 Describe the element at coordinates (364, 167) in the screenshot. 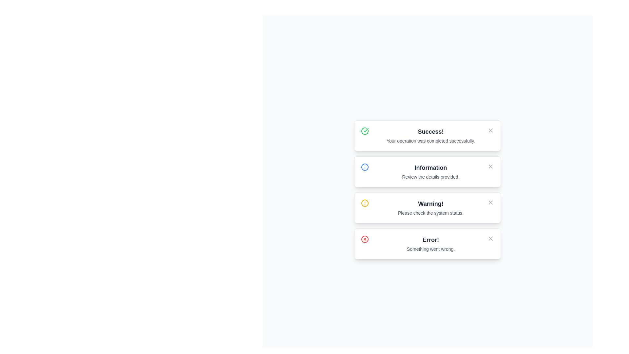

I see `the circular information icon with a blue outline located at the top-left corner of the 'Information' notification card, adjacent to the text 'Information Review the details provided.'` at that location.